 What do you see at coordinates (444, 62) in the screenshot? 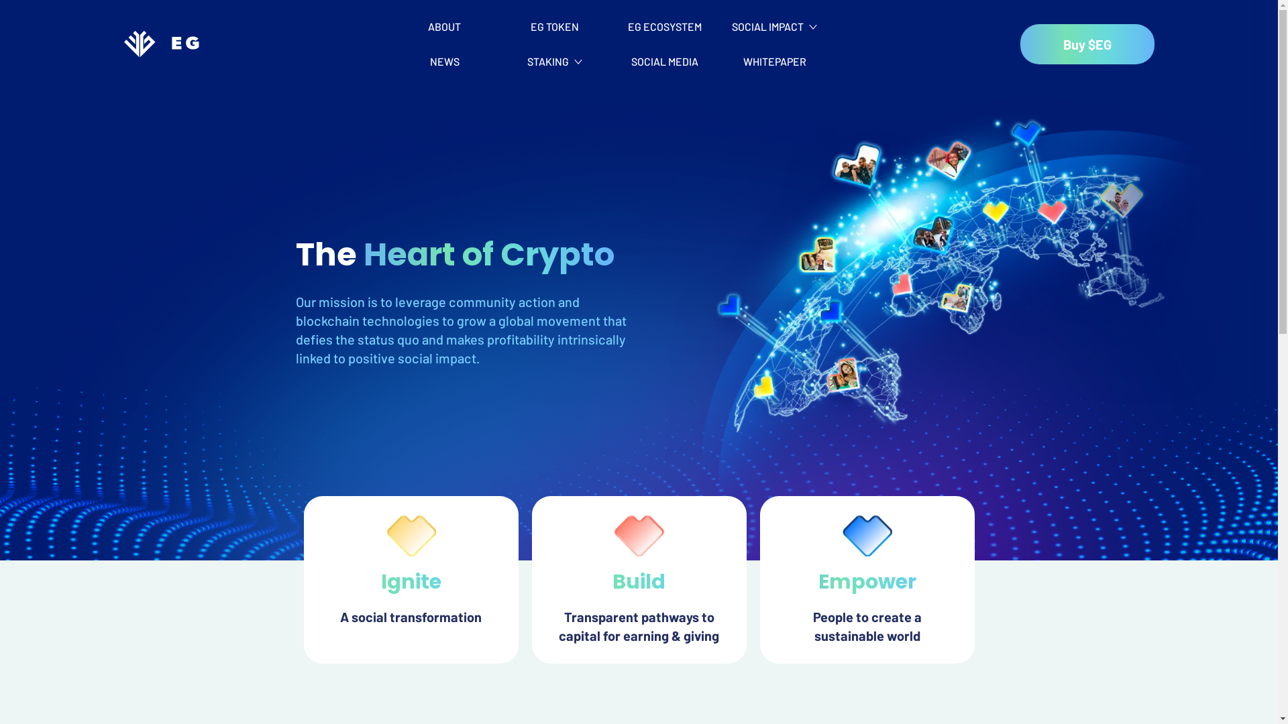
I see `'NEWS'` at bounding box center [444, 62].